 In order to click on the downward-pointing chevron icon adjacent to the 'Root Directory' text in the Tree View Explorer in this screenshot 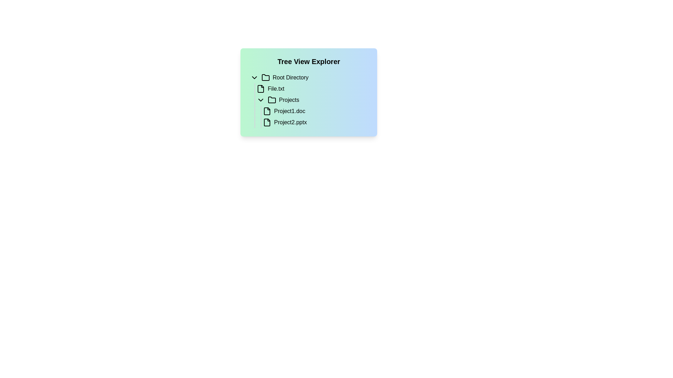, I will do `click(254, 78)`.